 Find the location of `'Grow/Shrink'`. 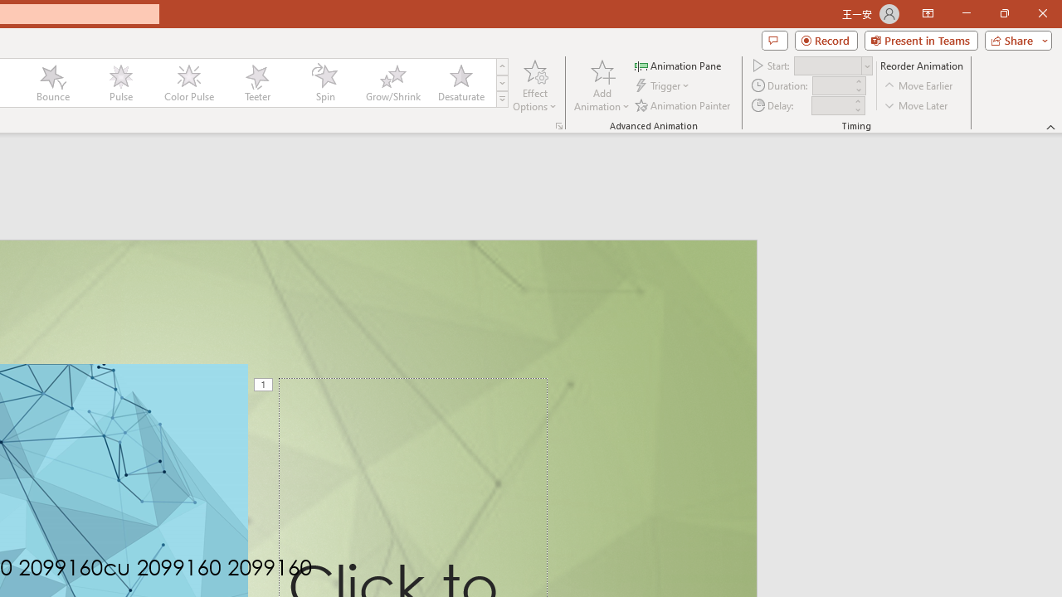

'Grow/Shrink' is located at coordinates (392, 83).